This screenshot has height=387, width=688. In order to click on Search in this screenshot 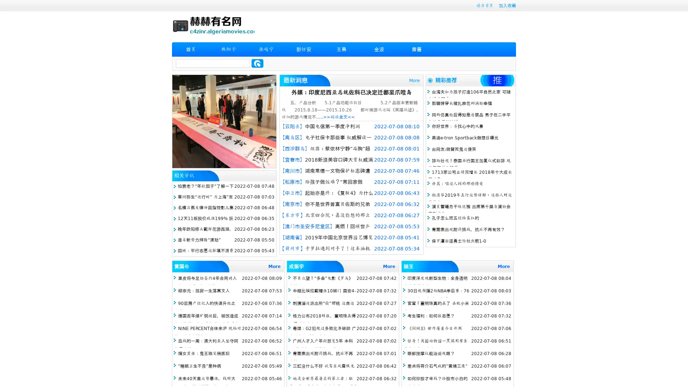, I will do `click(257, 63)`.